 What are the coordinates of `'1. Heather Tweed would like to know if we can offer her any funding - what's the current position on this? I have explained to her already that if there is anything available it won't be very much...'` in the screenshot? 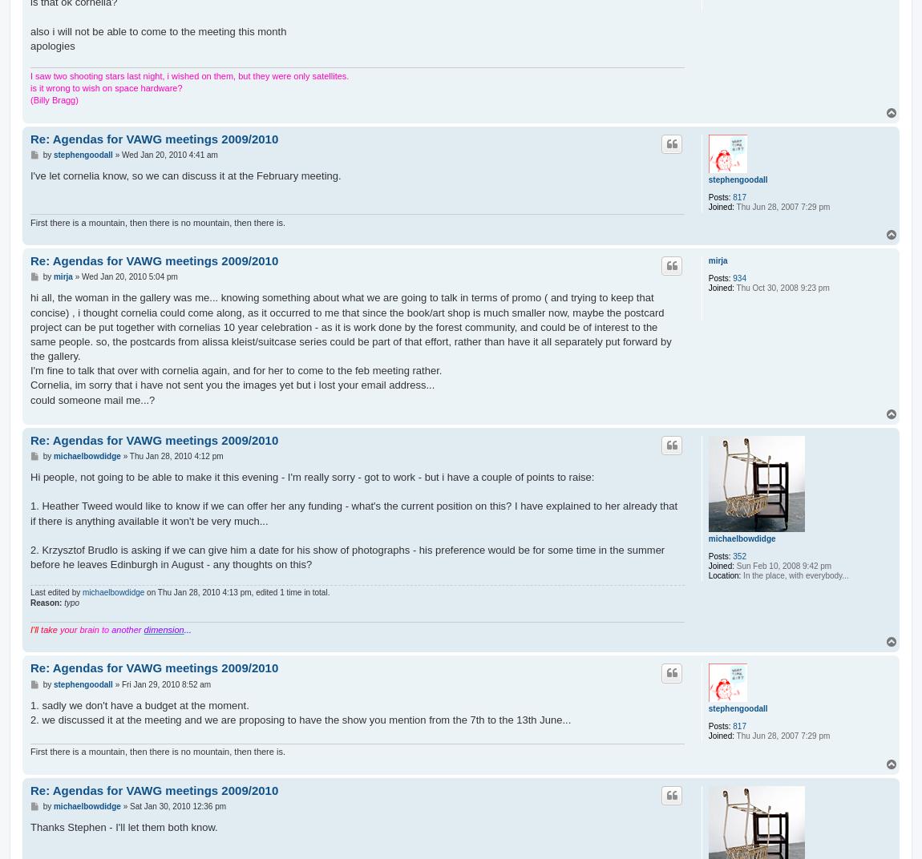 It's located at (29, 513).